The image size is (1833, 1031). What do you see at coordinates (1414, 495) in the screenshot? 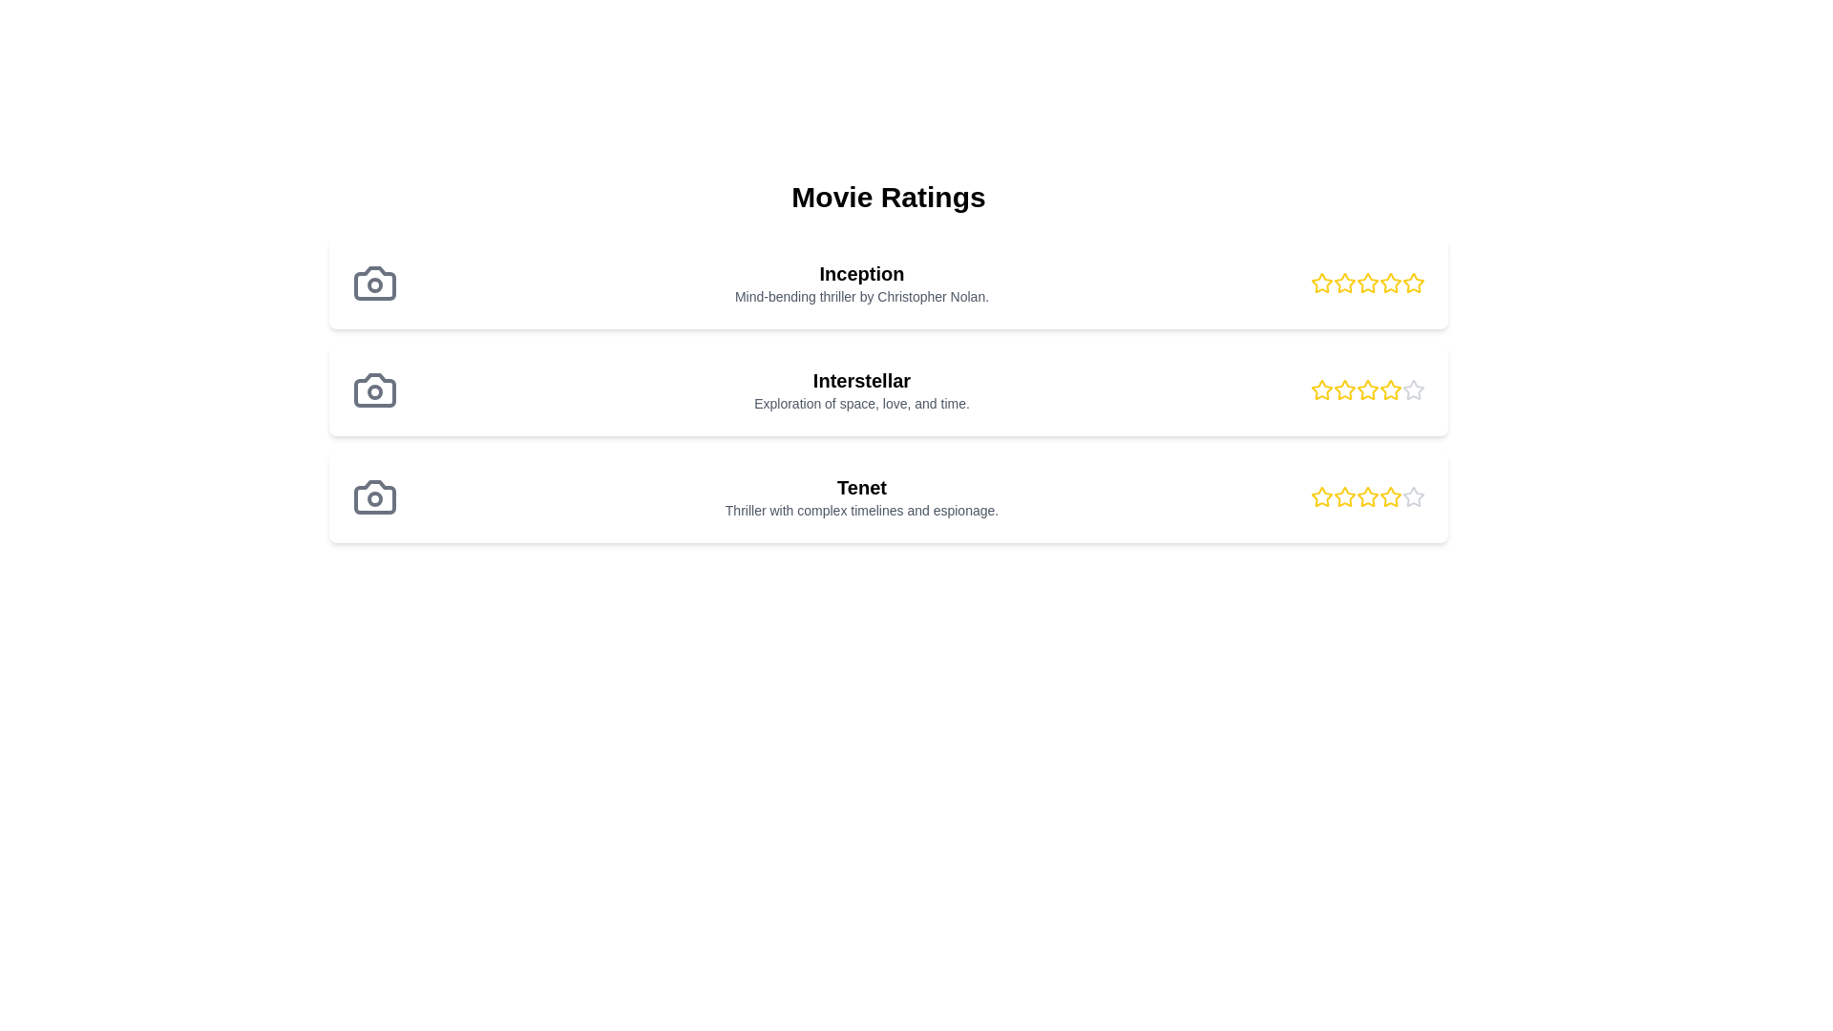
I see `the fifth star icon used for ratings next to the label 'Tenet'` at bounding box center [1414, 495].